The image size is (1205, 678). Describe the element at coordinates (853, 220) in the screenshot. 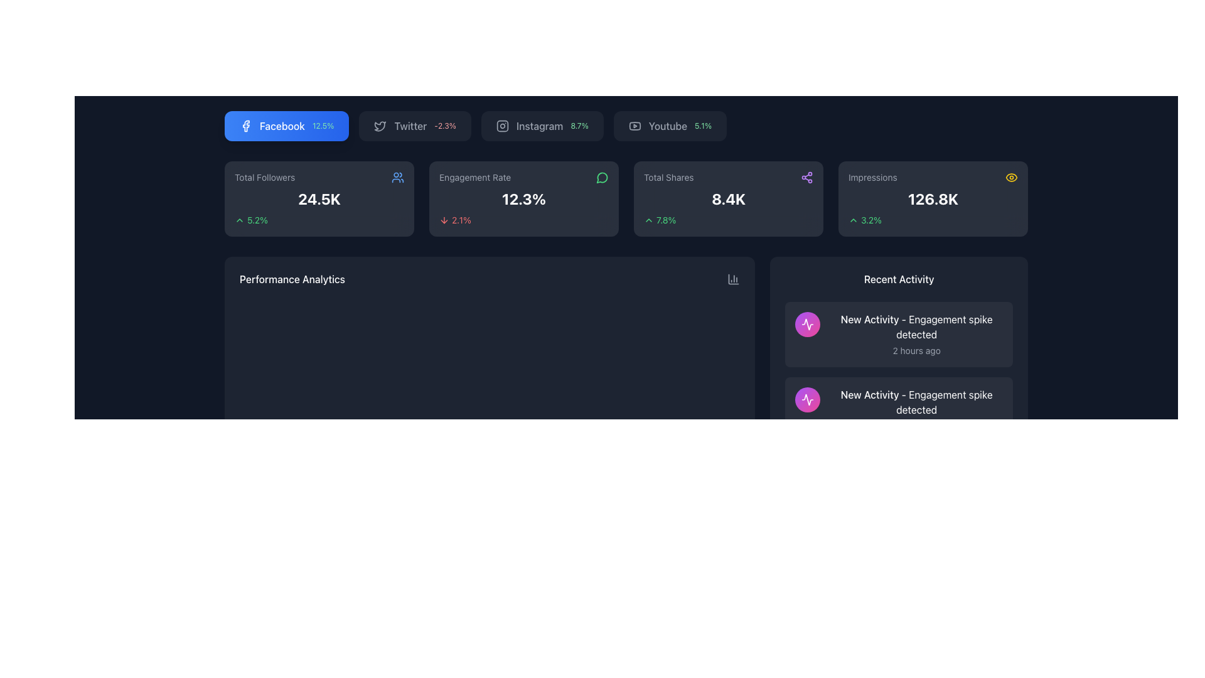

I see `the small upward-pointing chevron icon that is styled with a thin outline in a light color on a dark background, located in the top-left corner of the text displaying '3.2%' in green` at that location.